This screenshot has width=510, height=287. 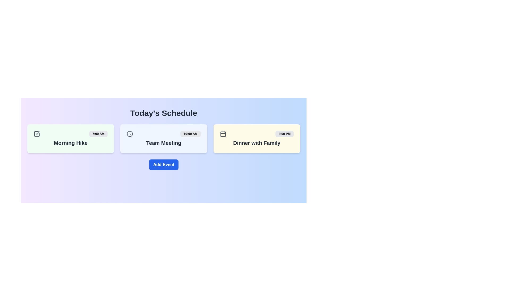 I want to click on the clock icon representing time, so click(x=130, y=134).